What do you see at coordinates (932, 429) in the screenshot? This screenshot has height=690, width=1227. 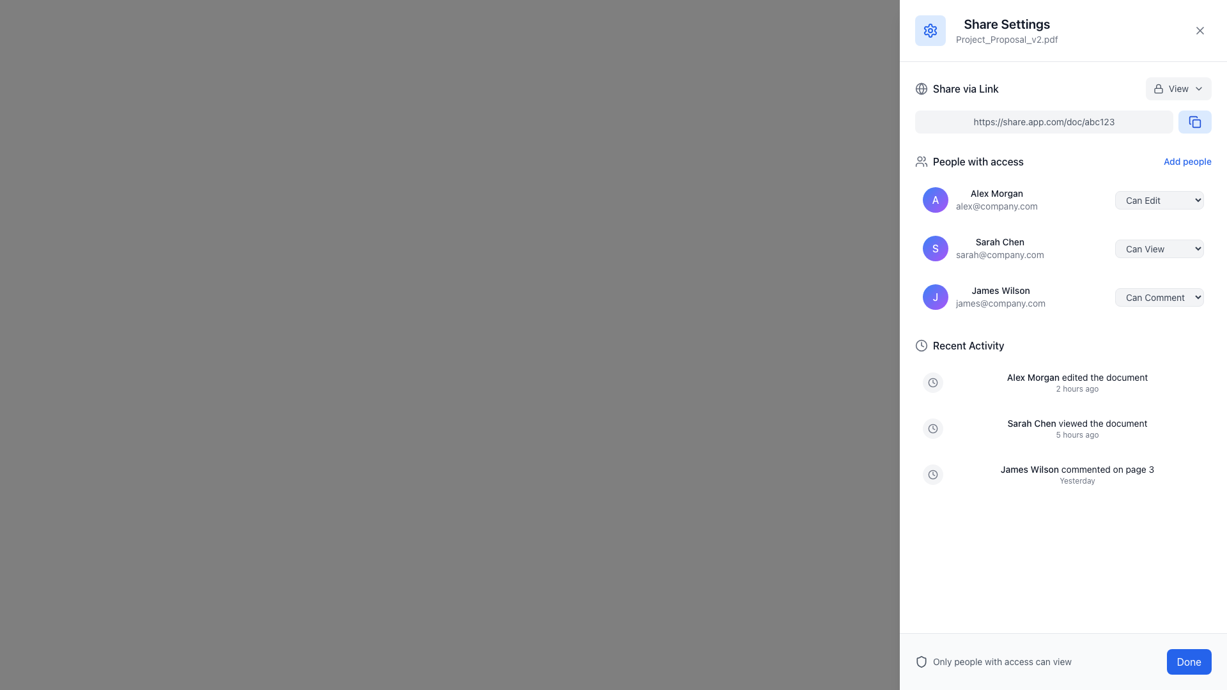 I see `the icon representing the activity type related to 'Sarah Chen viewed the document', located in the recent activity list as the second item, positioned to the left of the text description` at bounding box center [932, 429].